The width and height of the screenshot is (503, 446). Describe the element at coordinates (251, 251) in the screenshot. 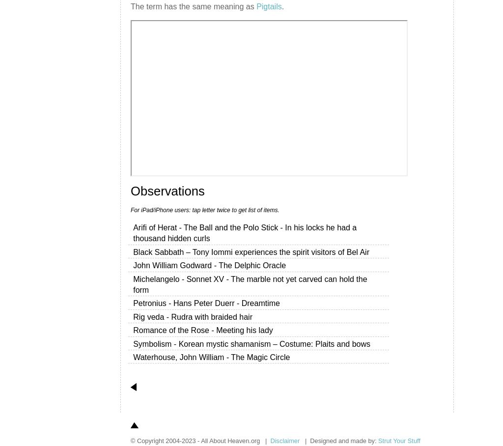

I see `'Black Sabbath – Tony Iommi experiences the spirit visitors of Bel Air'` at that location.